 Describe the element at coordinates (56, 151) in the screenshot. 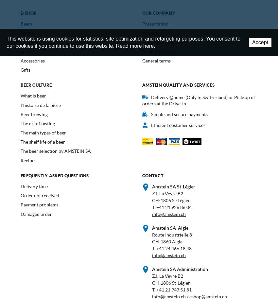

I see `'The beer selection by AMSTEIN SA'` at that location.